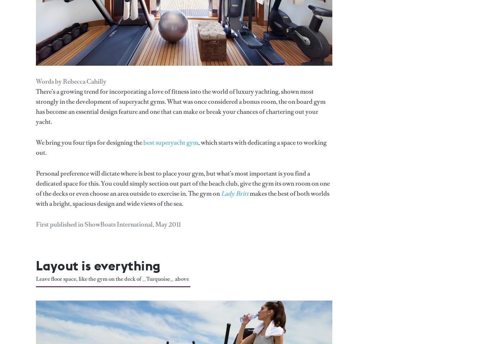  What do you see at coordinates (182, 183) in the screenshot?
I see `'Personal preference will dictate where is best to place your gym, but what’s most important is you find a dedicated space for this. You could simply section out part of the beach club, give the gym its own room on one of the decks or even choose an area outside to exercise in. The gym on'` at bounding box center [182, 183].